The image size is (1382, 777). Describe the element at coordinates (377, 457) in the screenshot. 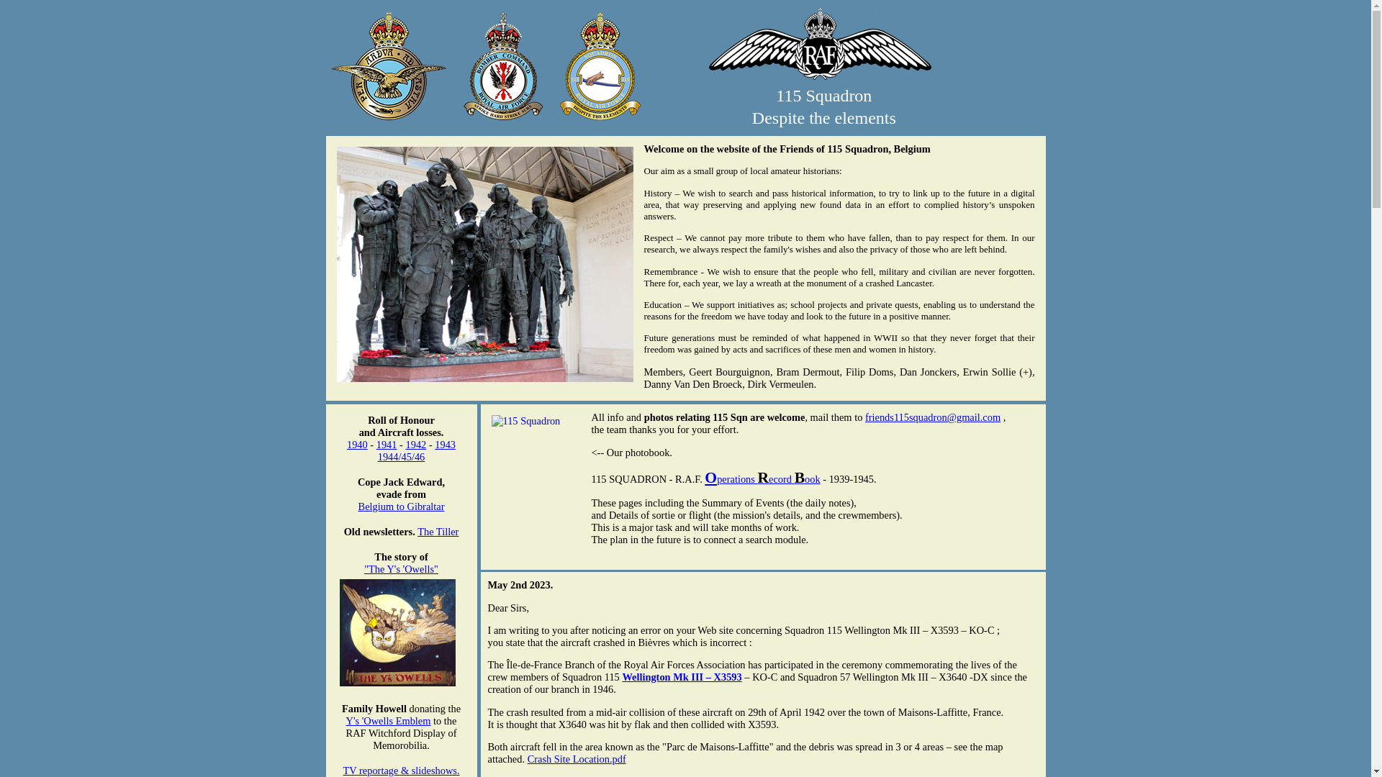

I see `'1944/45/46'` at that location.